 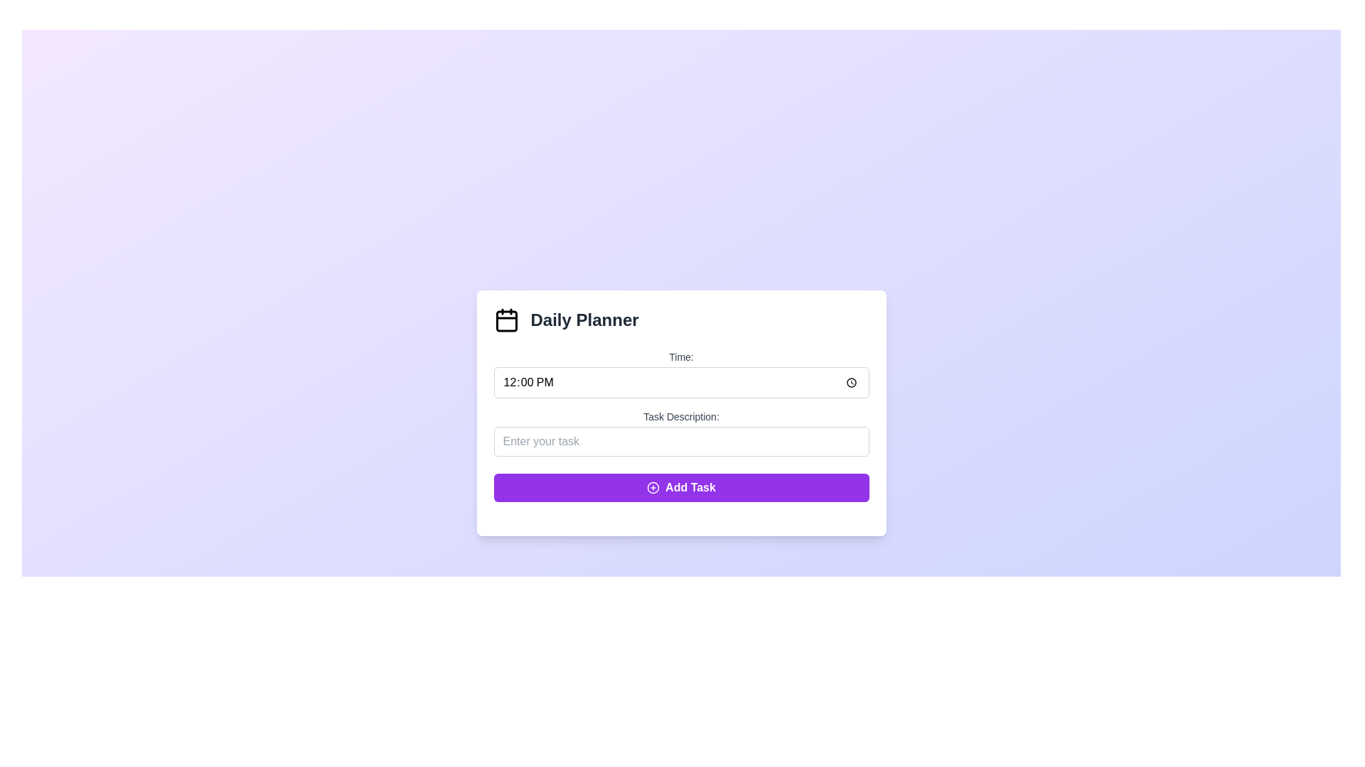 What do you see at coordinates (680, 356) in the screenshot?
I see `the 'Time:' text label, which is styled in bold and positioned at the top of the 'Daily Planner' form, directly above the 'Time' input field` at bounding box center [680, 356].